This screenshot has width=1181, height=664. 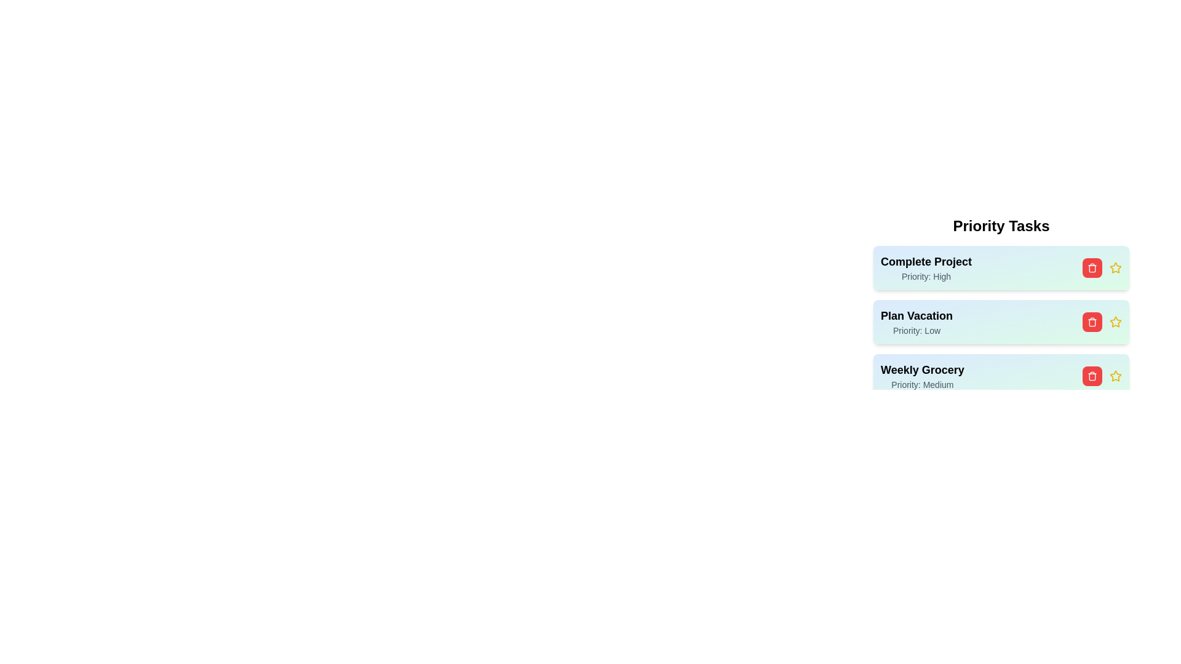 I want to click on delete button for the task titled 'Weekly Grocery', so click(x=1092, y=376).